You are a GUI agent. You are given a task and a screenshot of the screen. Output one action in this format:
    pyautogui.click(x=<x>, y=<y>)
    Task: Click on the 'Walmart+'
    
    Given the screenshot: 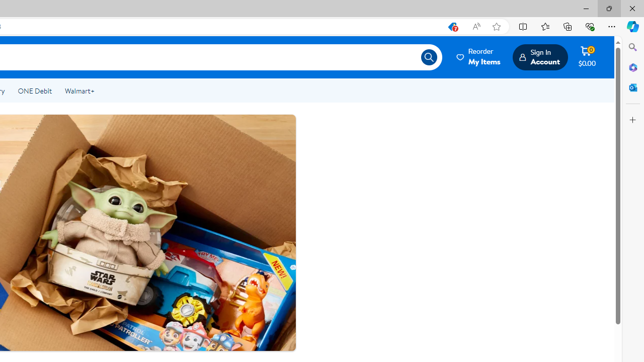 What is the action you would take?
    pyautogui.click(x=79, y=91)
    